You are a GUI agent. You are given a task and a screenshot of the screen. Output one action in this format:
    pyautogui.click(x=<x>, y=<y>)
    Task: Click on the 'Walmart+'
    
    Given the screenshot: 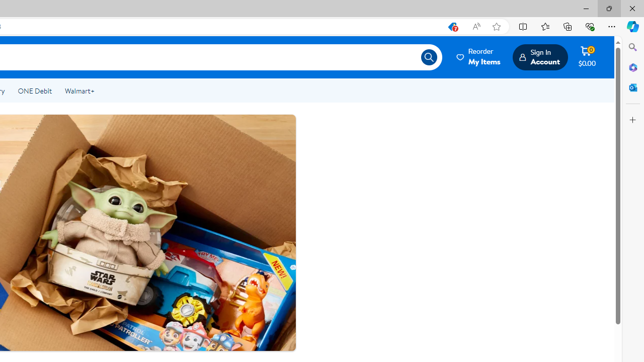 What is the action you would take?
    pyautogui.click(x=79, y=91)
    